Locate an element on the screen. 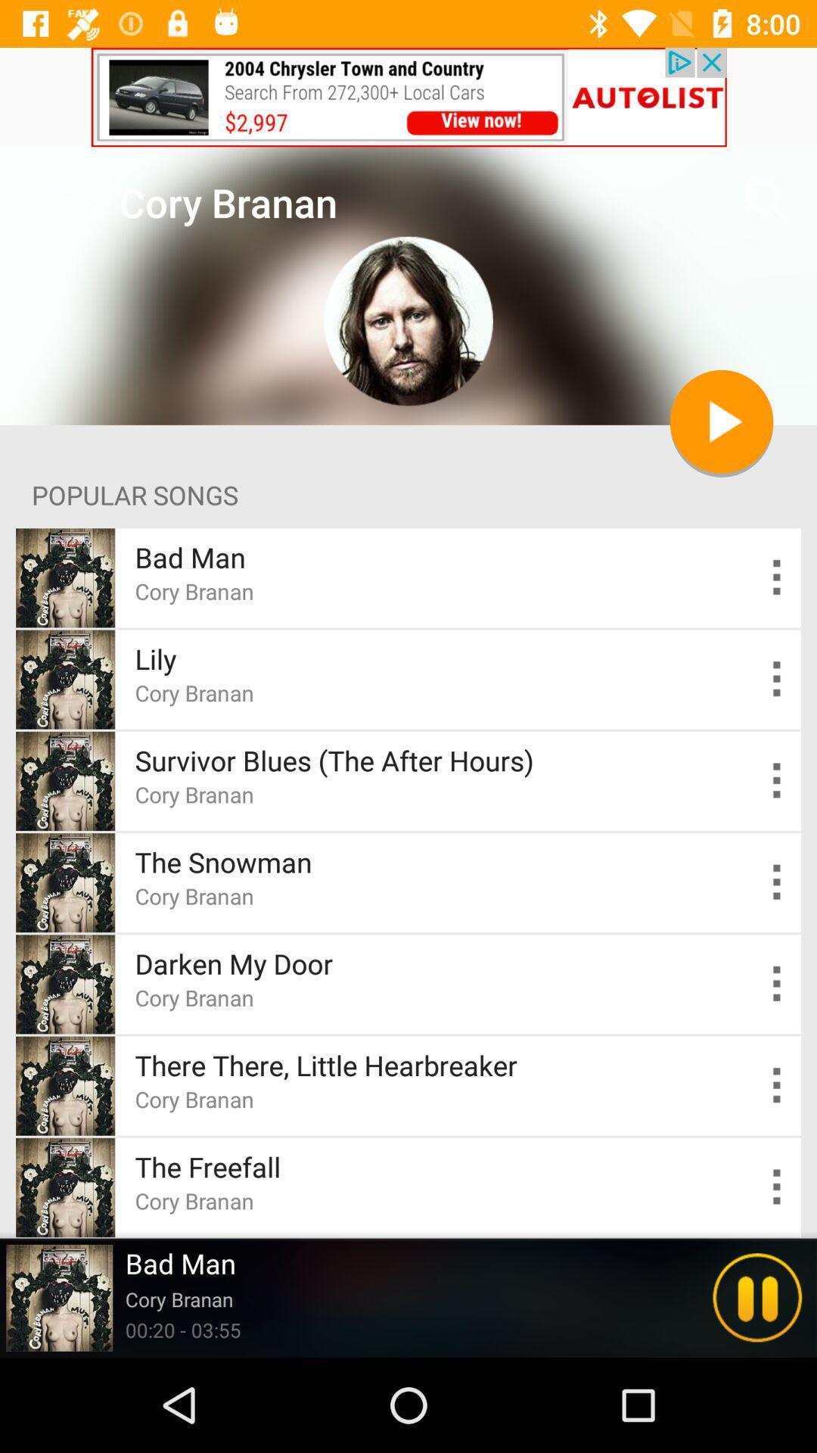  the more icon is located at coordinates (777, 781).